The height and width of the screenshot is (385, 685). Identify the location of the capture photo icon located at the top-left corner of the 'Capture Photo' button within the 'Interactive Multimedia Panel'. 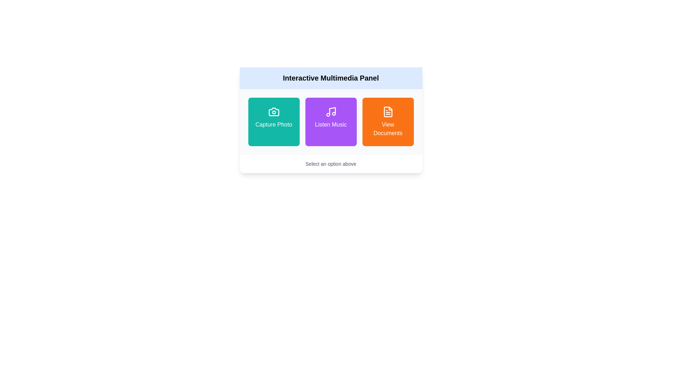
(273, 112).